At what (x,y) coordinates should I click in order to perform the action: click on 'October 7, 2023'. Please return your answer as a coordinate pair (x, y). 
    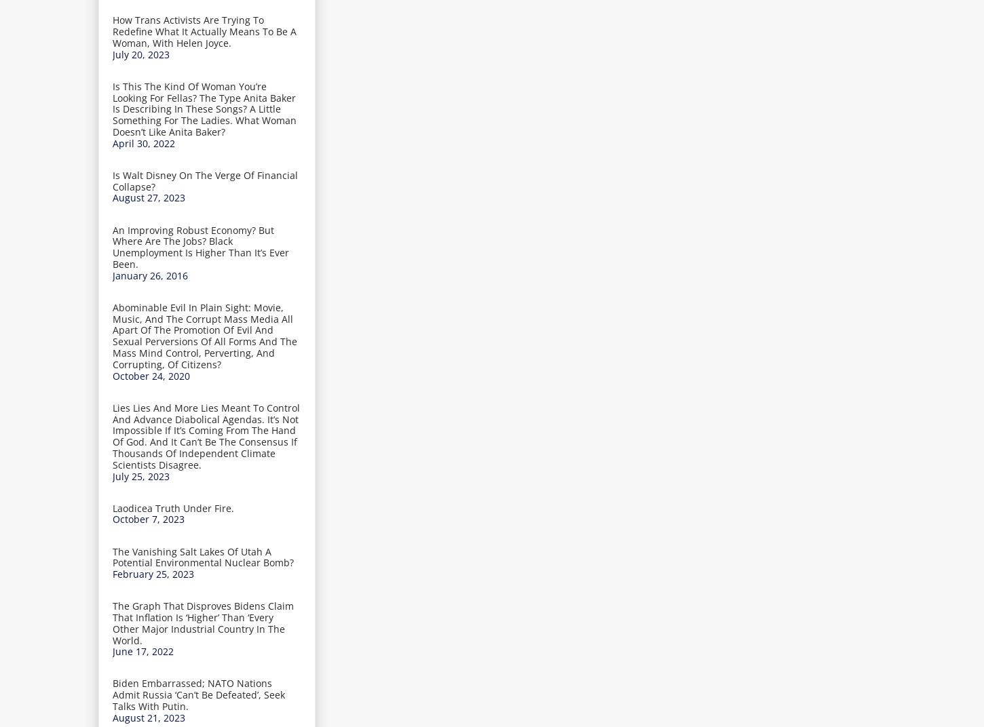
    Looking at the image, I should click on (147, 519).